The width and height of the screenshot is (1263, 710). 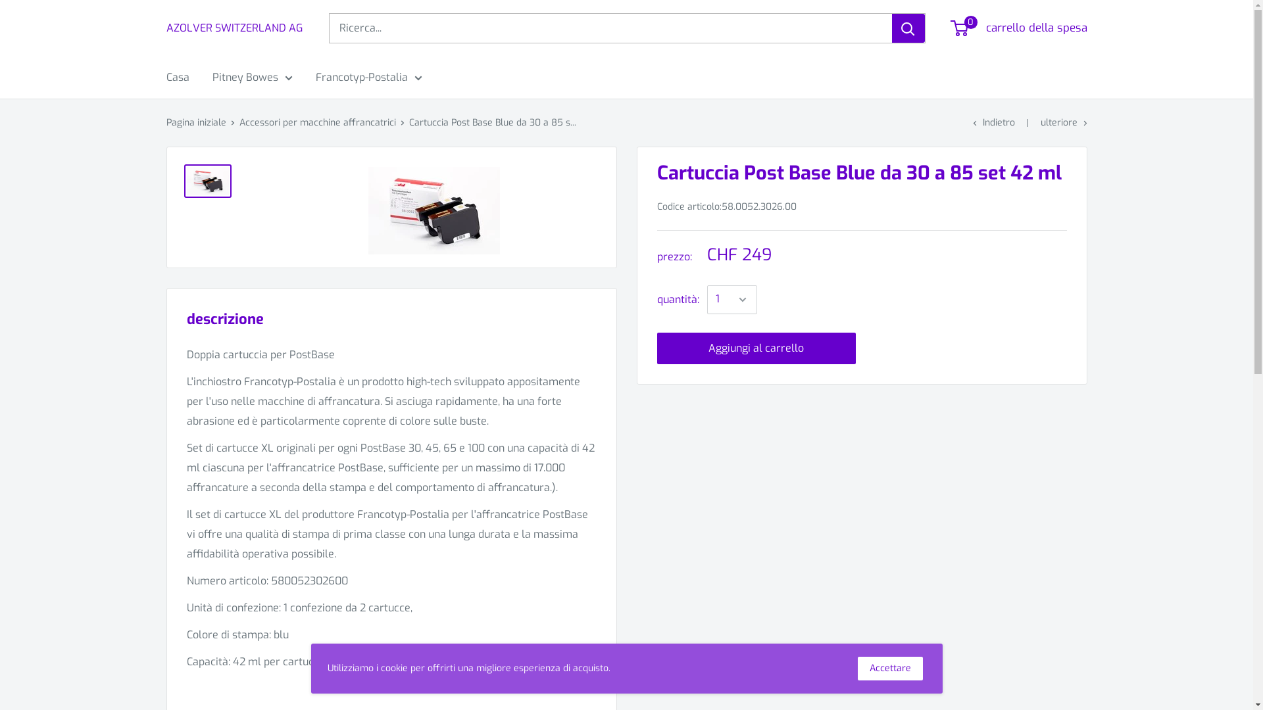 What do you see at coordinates (165, 78) in the screenshot?
I see `'Casa'` at bounding box center [165, 78].